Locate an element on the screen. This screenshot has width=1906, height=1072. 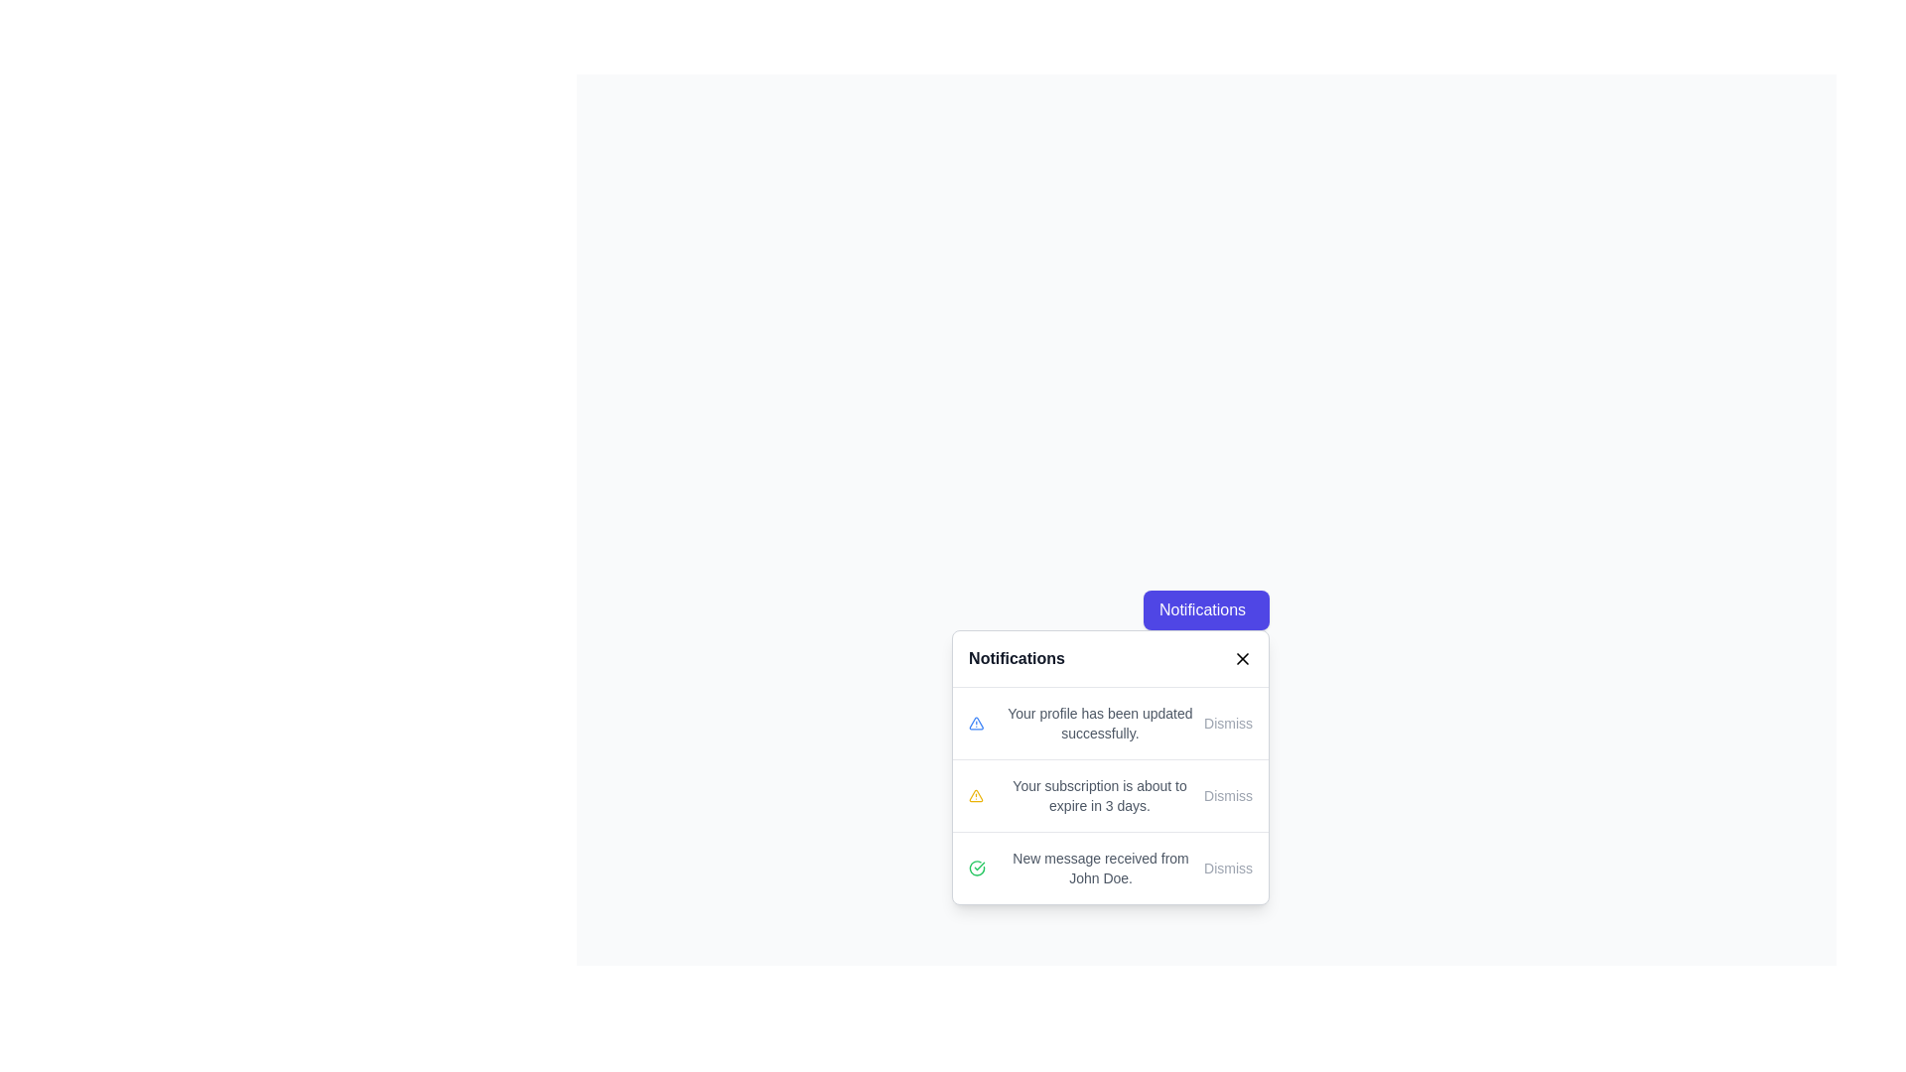
the circular success icon with a checkmark located to the left of the notification text indicating 'New message received from John Doe.' is located at coordinates (977, 868).